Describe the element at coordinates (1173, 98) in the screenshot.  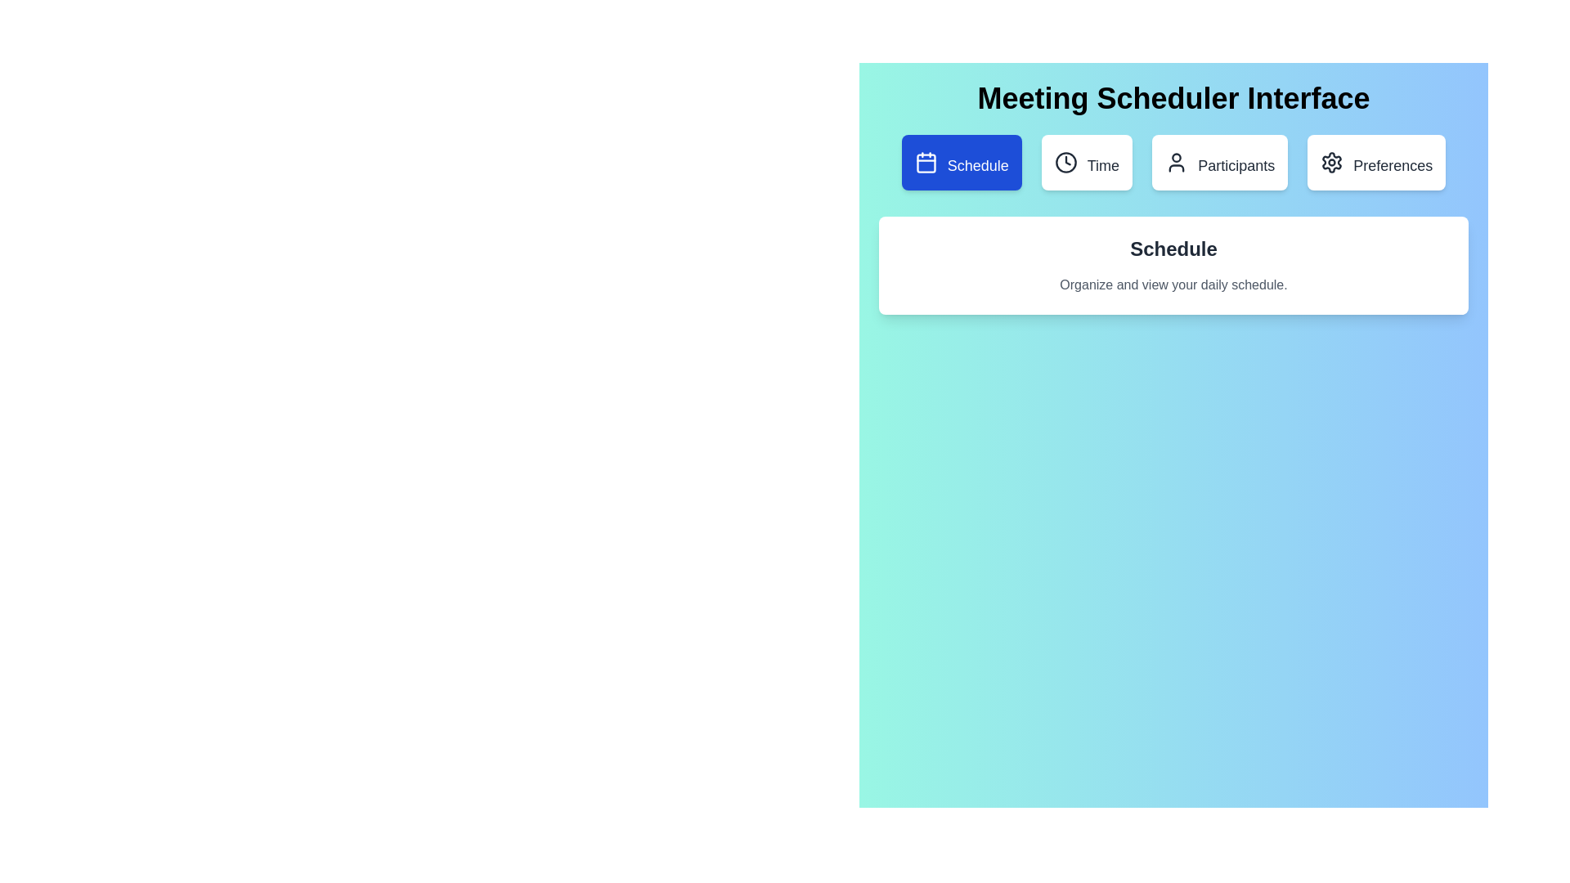
I see `static header text element located at the top center of the interface, which indicates the application's purpose as a meeting scheduler` at that location.